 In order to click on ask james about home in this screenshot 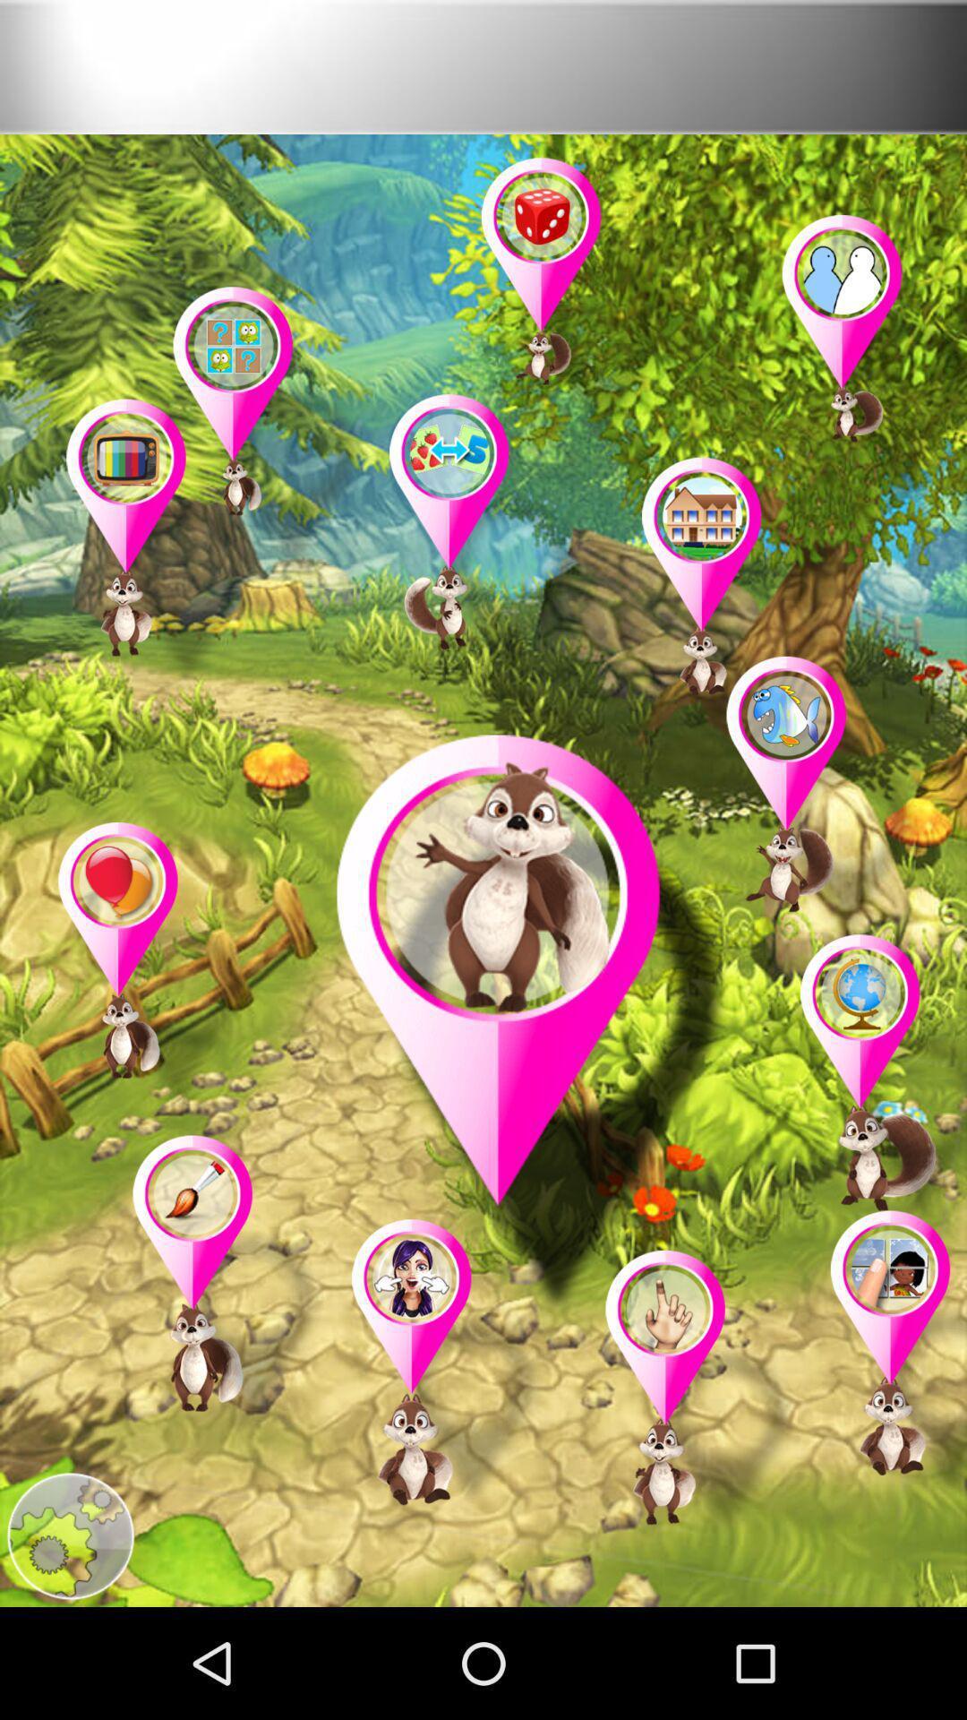, I will do `click(739, 605)`.